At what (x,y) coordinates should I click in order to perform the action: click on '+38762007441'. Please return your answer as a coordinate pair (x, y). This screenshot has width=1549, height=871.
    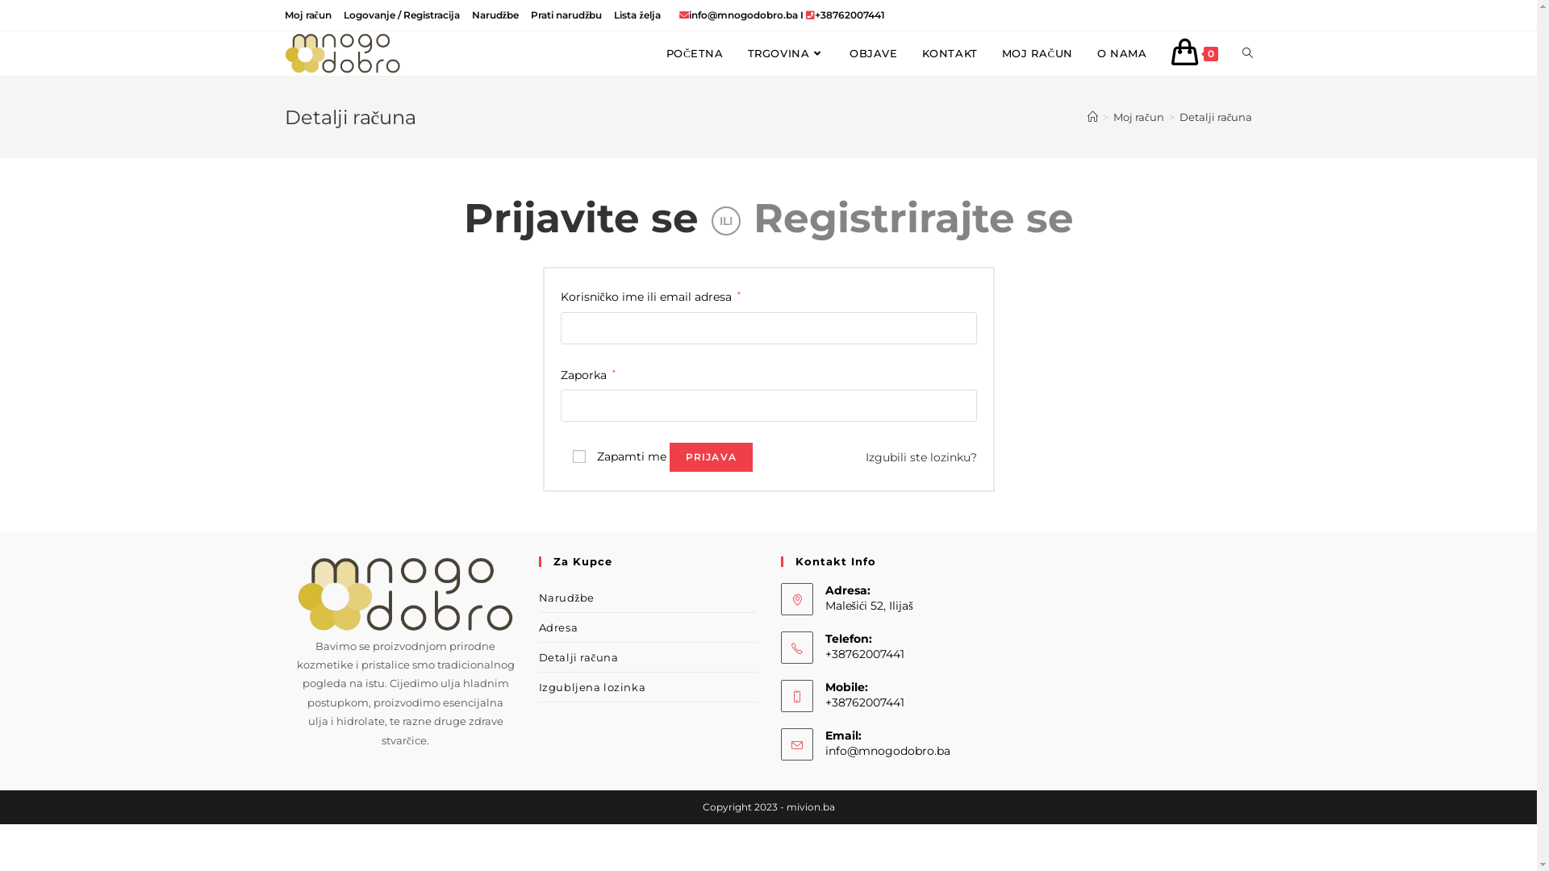
    Looking at the image, I should click on (911, 702).